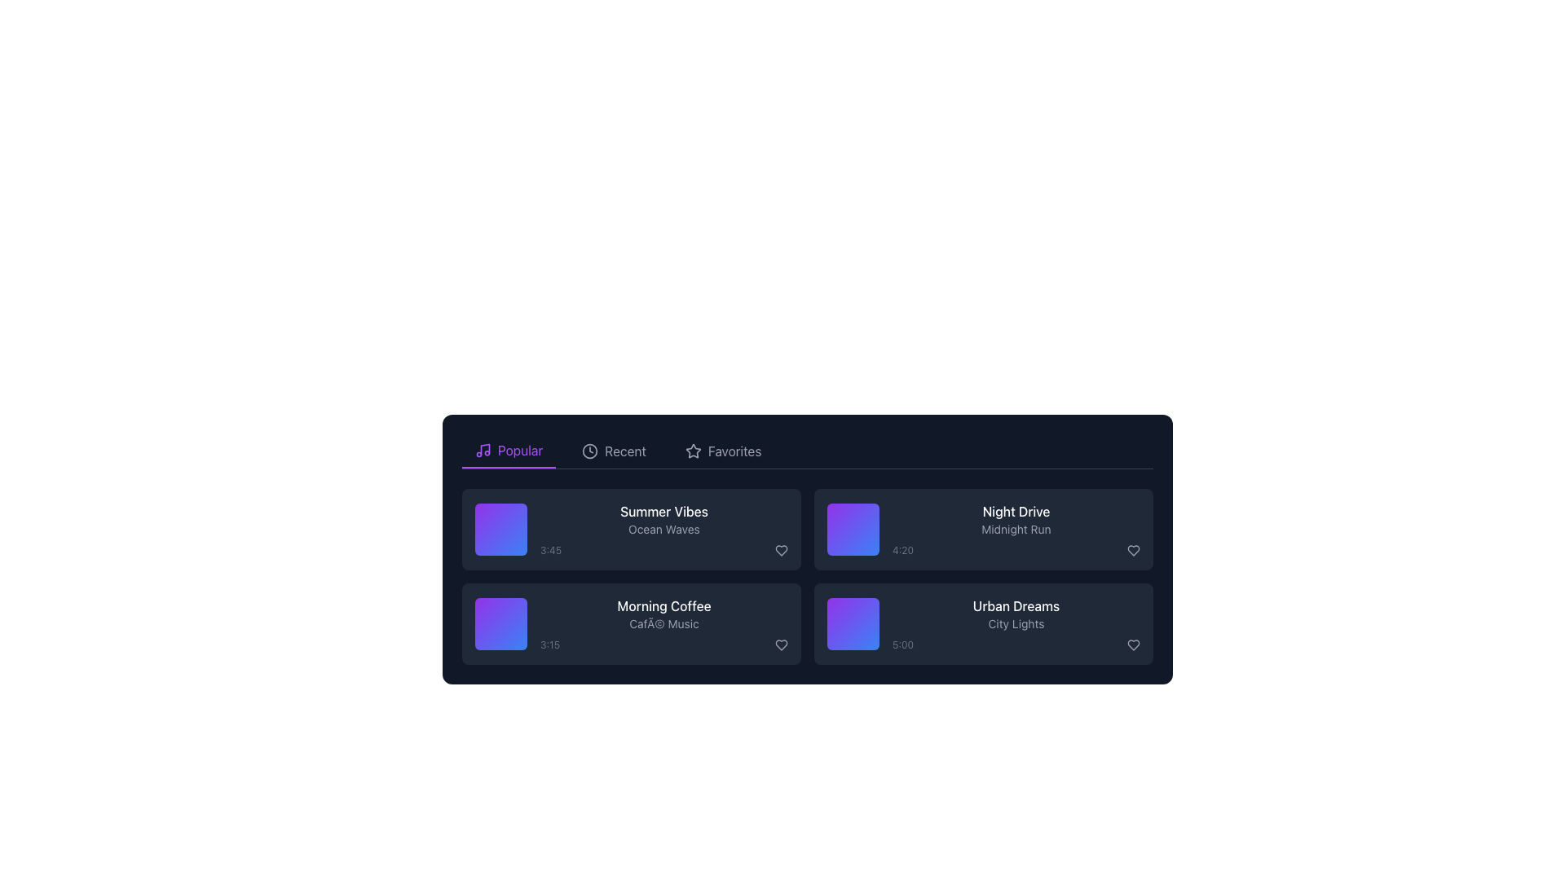  What do you see at coordinates (1016, 606) in the screenshot?
I see `text content of the label positioned in the lower-right corner of the grid layout, which identifies the corresponding grid item` at bounding box center [1016, 606].